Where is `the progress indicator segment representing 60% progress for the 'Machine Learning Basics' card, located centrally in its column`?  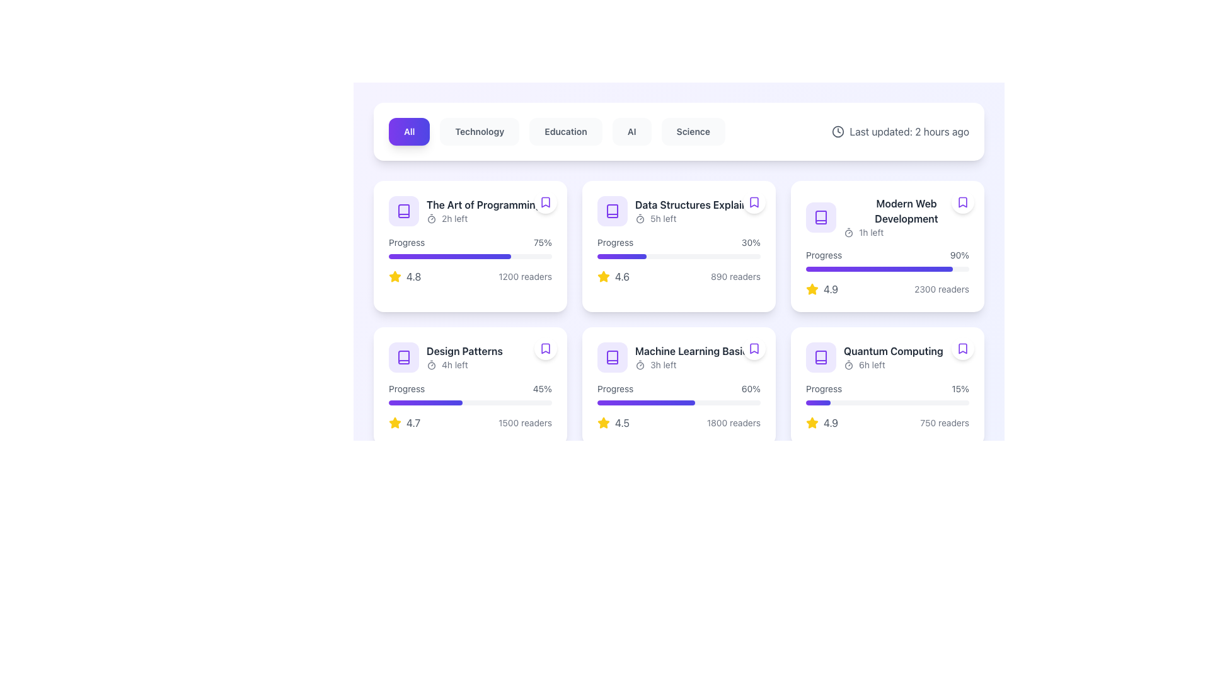 the progress indicator segment representing 60% progress for the 'Machine Learning Basics' card, located centrally in its column is located at coordinates (646, 403).